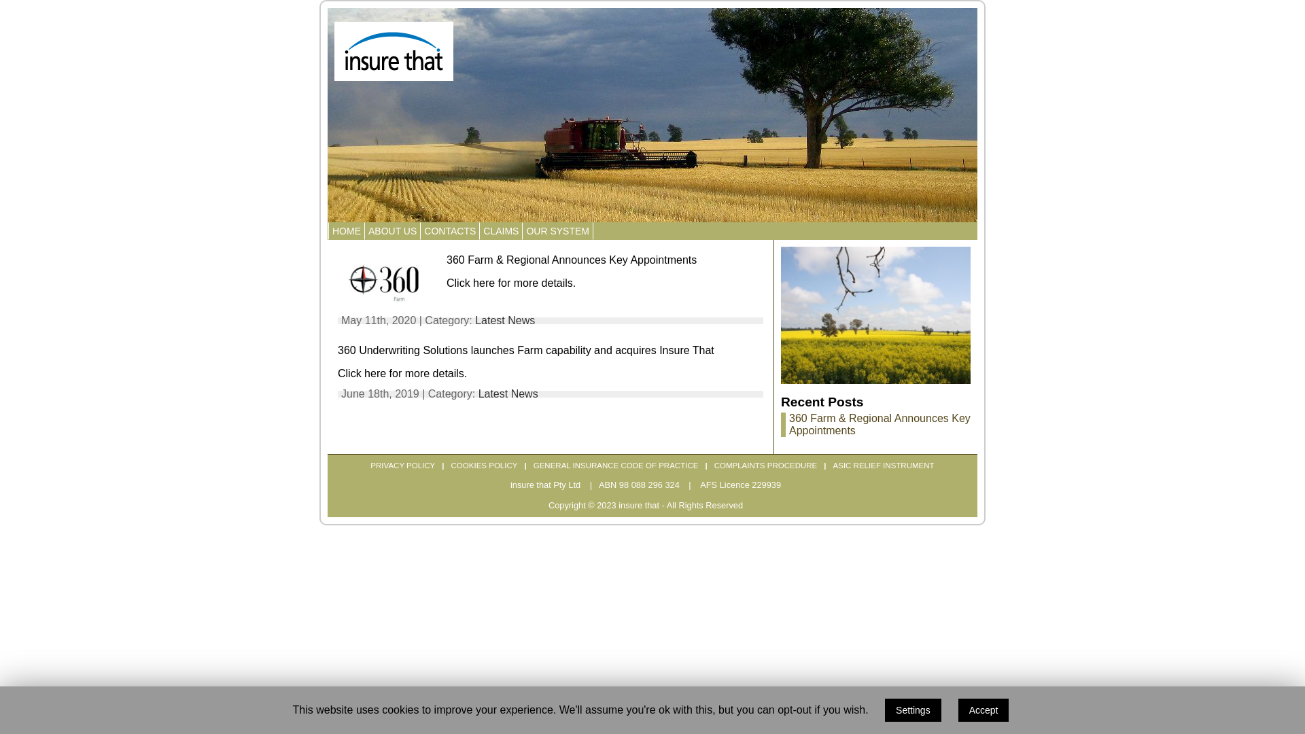  Describe the element at coordinates (984, 710) in the screenshot. I see `'Accept'` at that location.